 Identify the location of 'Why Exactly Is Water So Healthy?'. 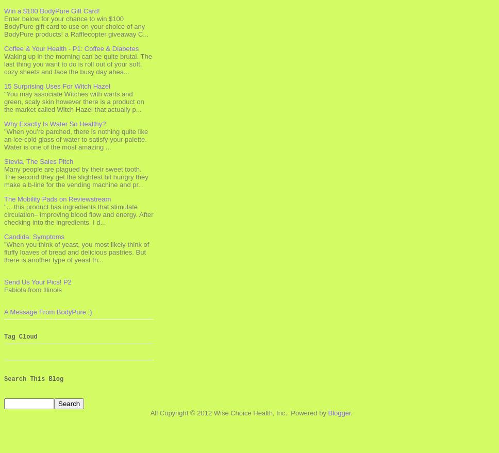
(55, 123).